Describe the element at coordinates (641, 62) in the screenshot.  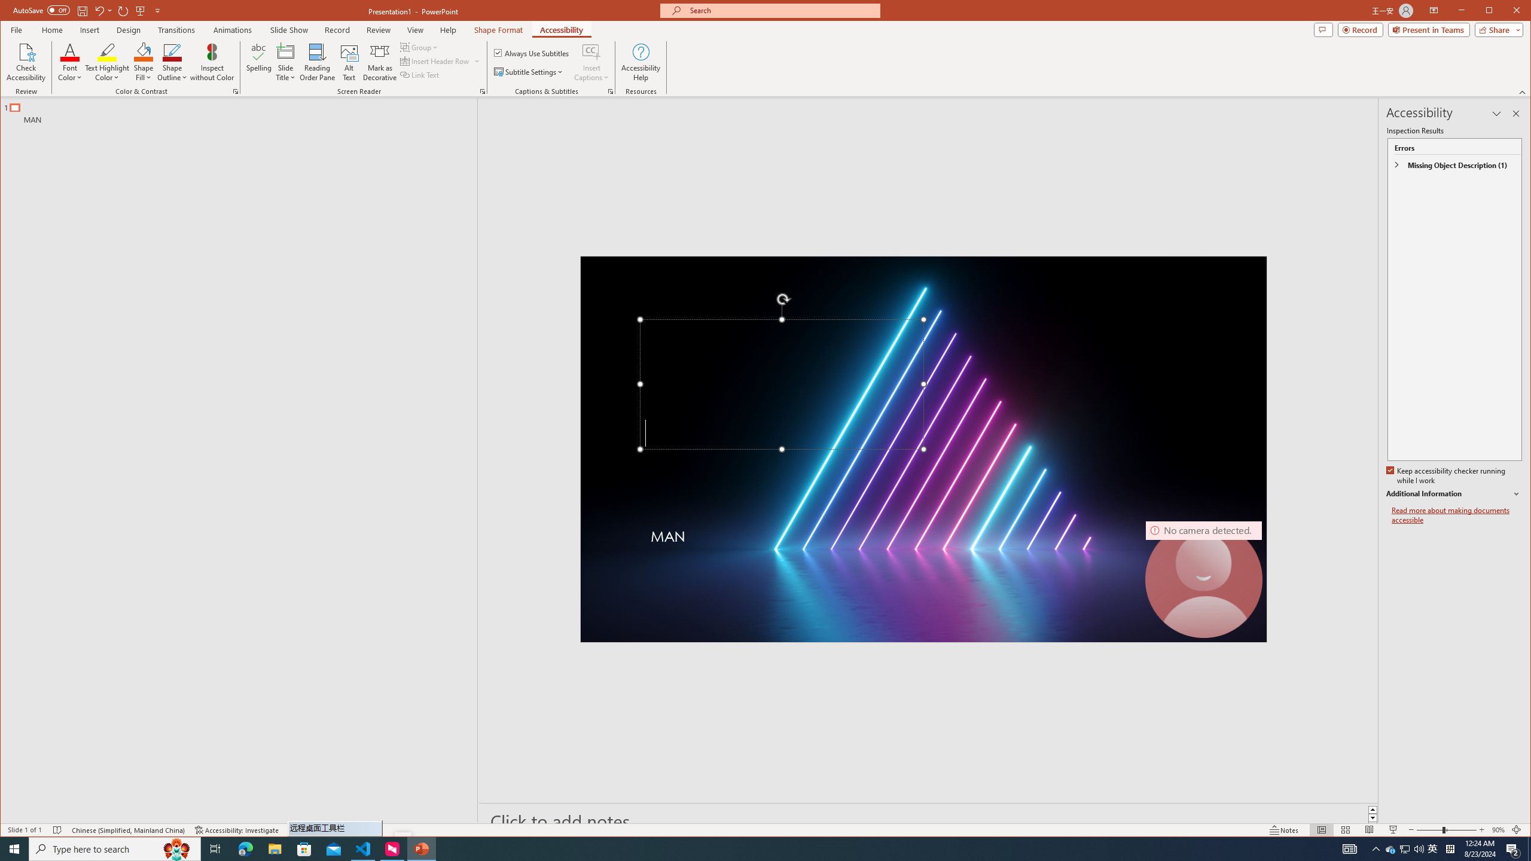
I see `'Accessibility Help'` at that location.